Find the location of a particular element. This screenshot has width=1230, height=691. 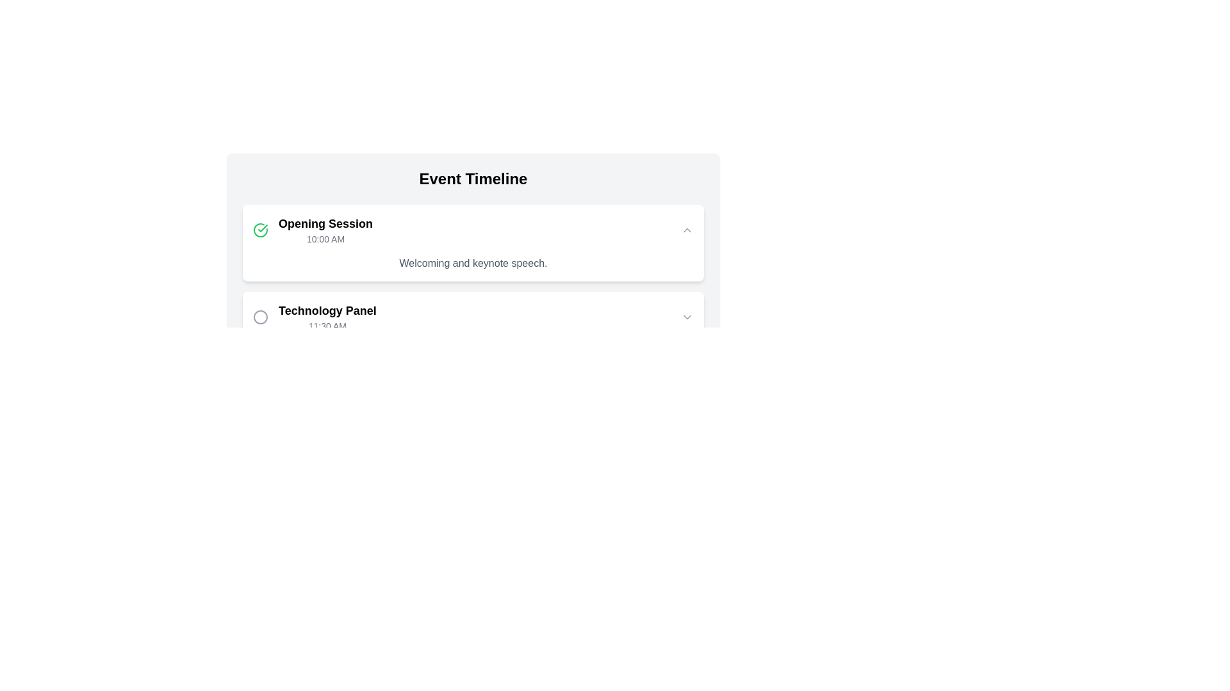

the icon located to the left of the 'Technology Panel' text in the event timeline, which indicates a status or category for the event at 11:30 AM is located at coordinates (260, 317).